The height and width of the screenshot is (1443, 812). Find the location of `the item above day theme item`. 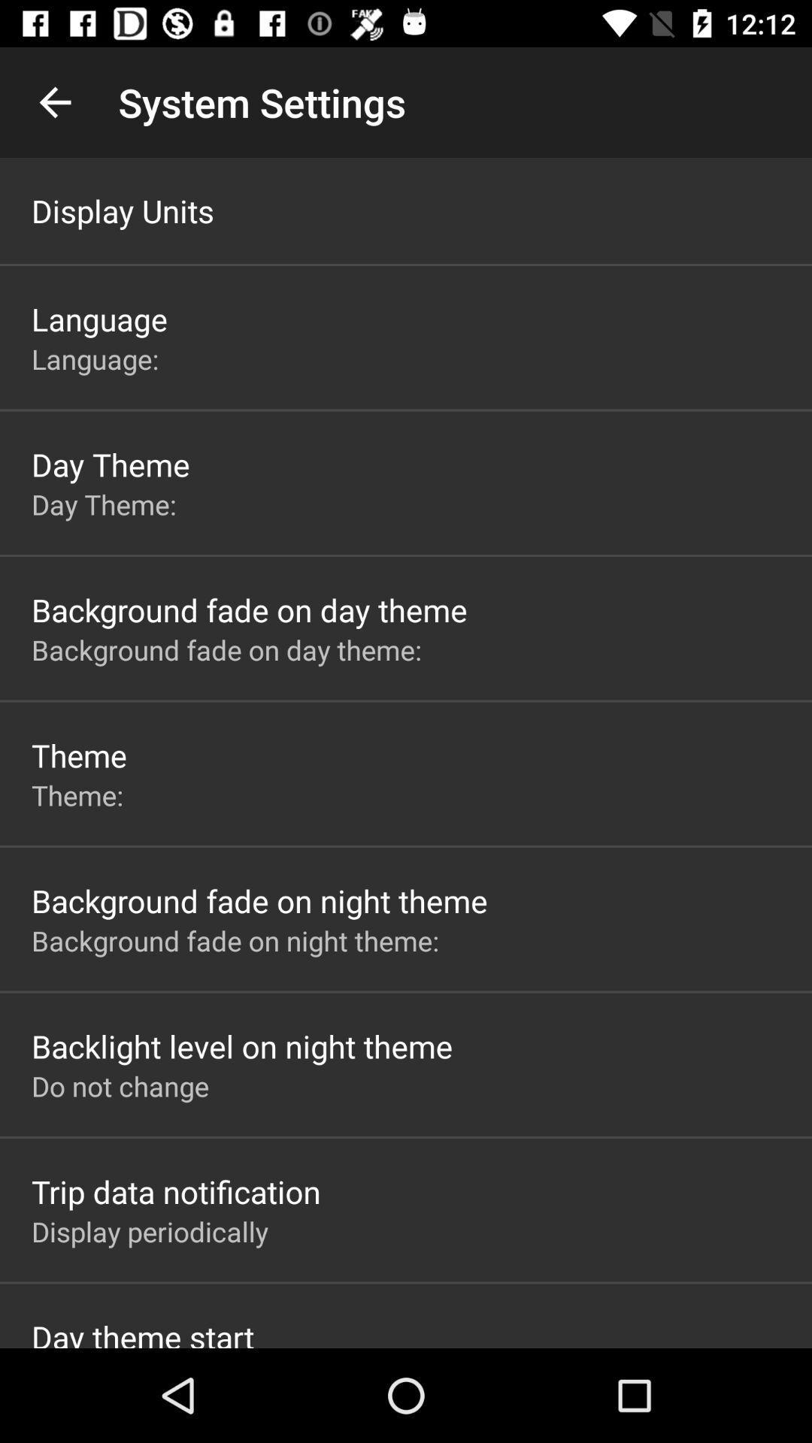

the item above day theme item is located at coordinates (98, 358).